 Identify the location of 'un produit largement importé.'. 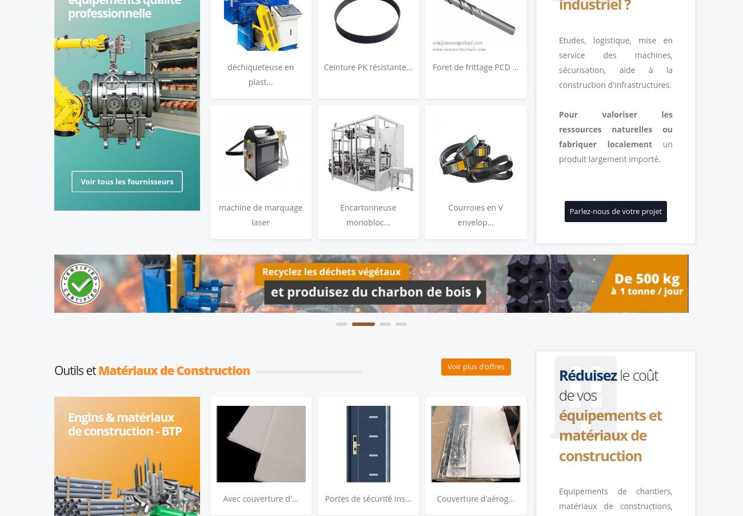
(616, 150).